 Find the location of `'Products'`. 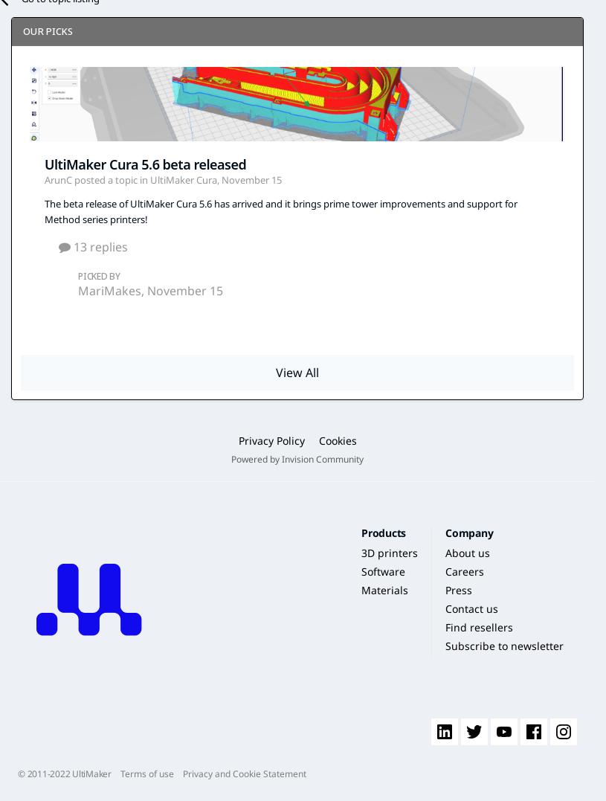

'Products' is located at coordinates (383, 532).